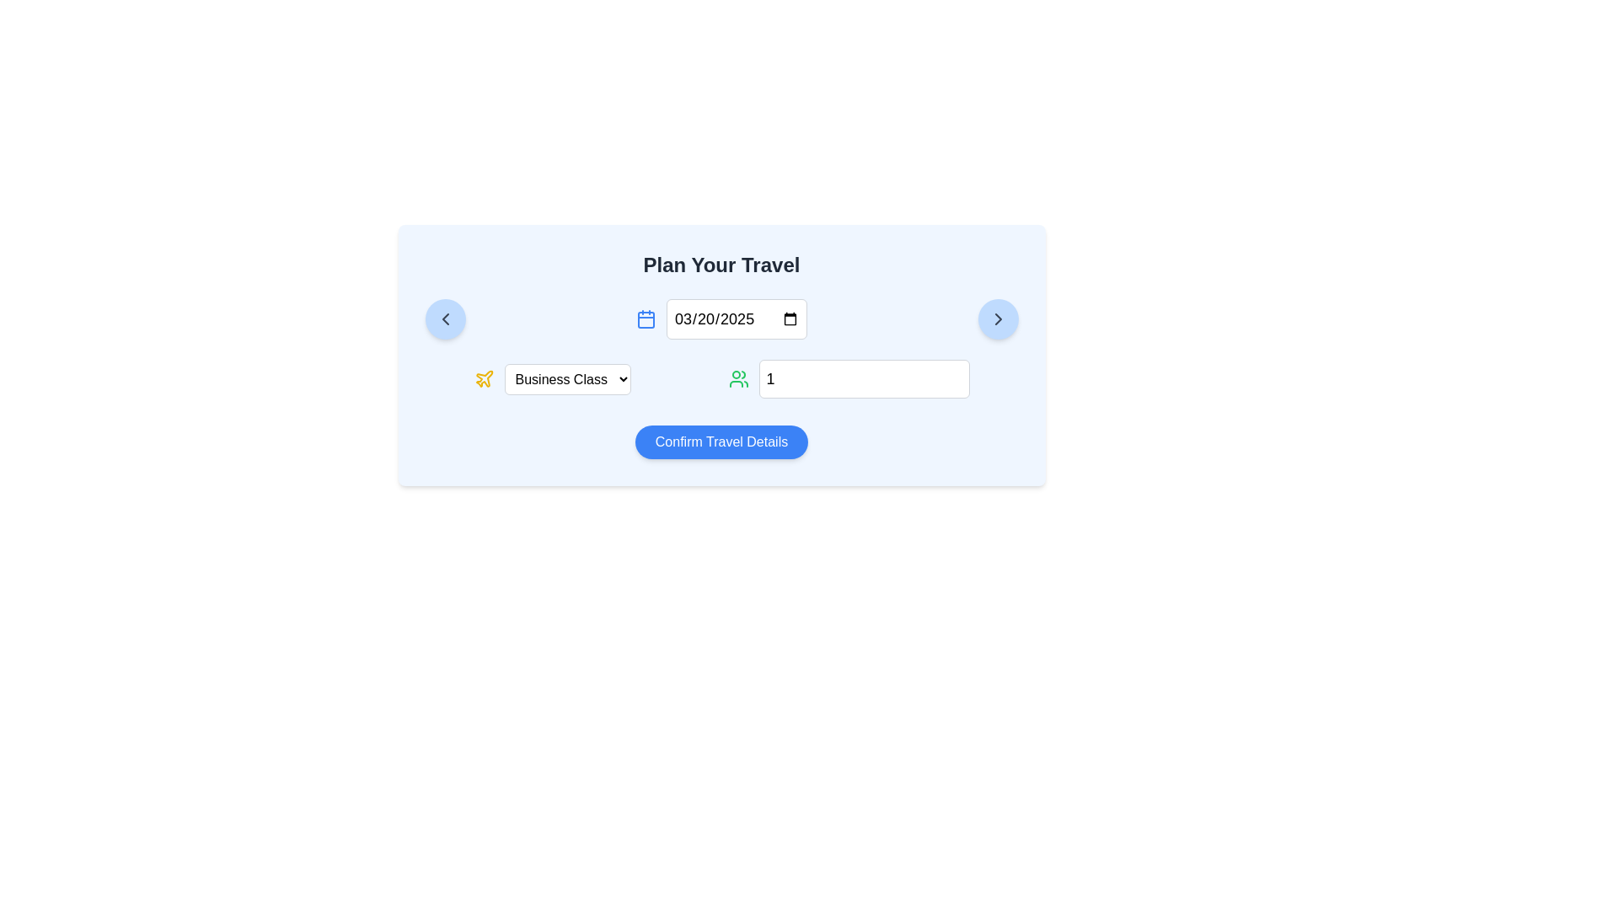 The width and height of the screenshot is (1618, 910). I want to click on the navigation icon located inside the right-side circular button near the 'Plan Your Travel' interface section, so click(998, 318).